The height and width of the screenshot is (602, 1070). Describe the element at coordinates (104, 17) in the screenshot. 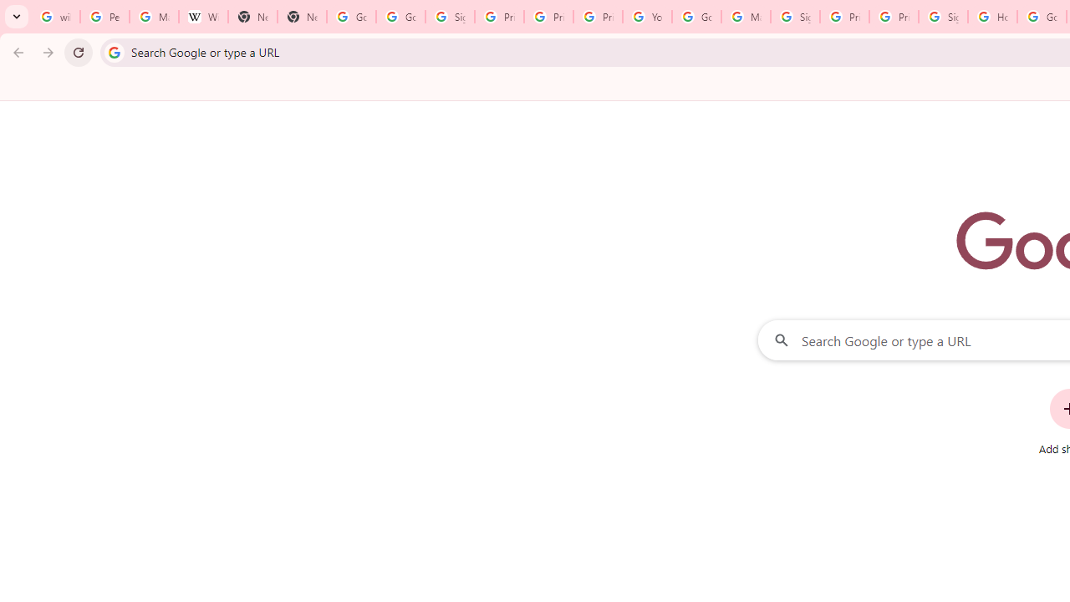

I see `'Personalization & Google Search results - Google Search Help'` at that location.